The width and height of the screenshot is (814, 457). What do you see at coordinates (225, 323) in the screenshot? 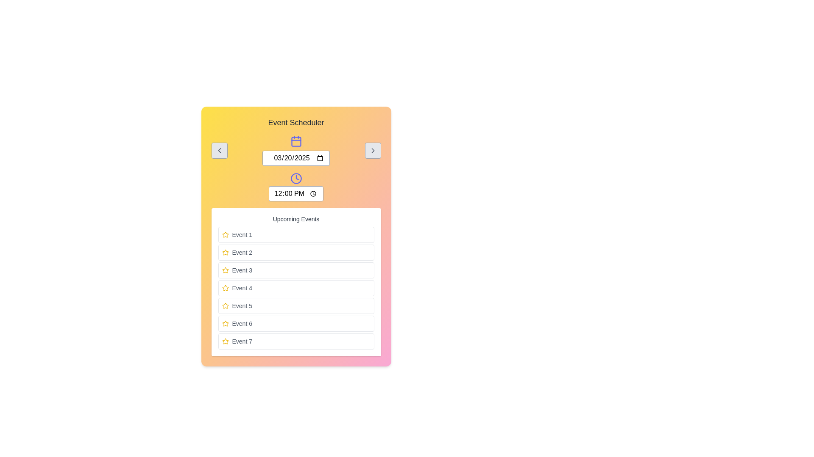
I see `the star-shaped icon with a golden yellow outline located next to the text 'Event 6' in the 'Upcoming Events' list` at bounding box center [225, 323].